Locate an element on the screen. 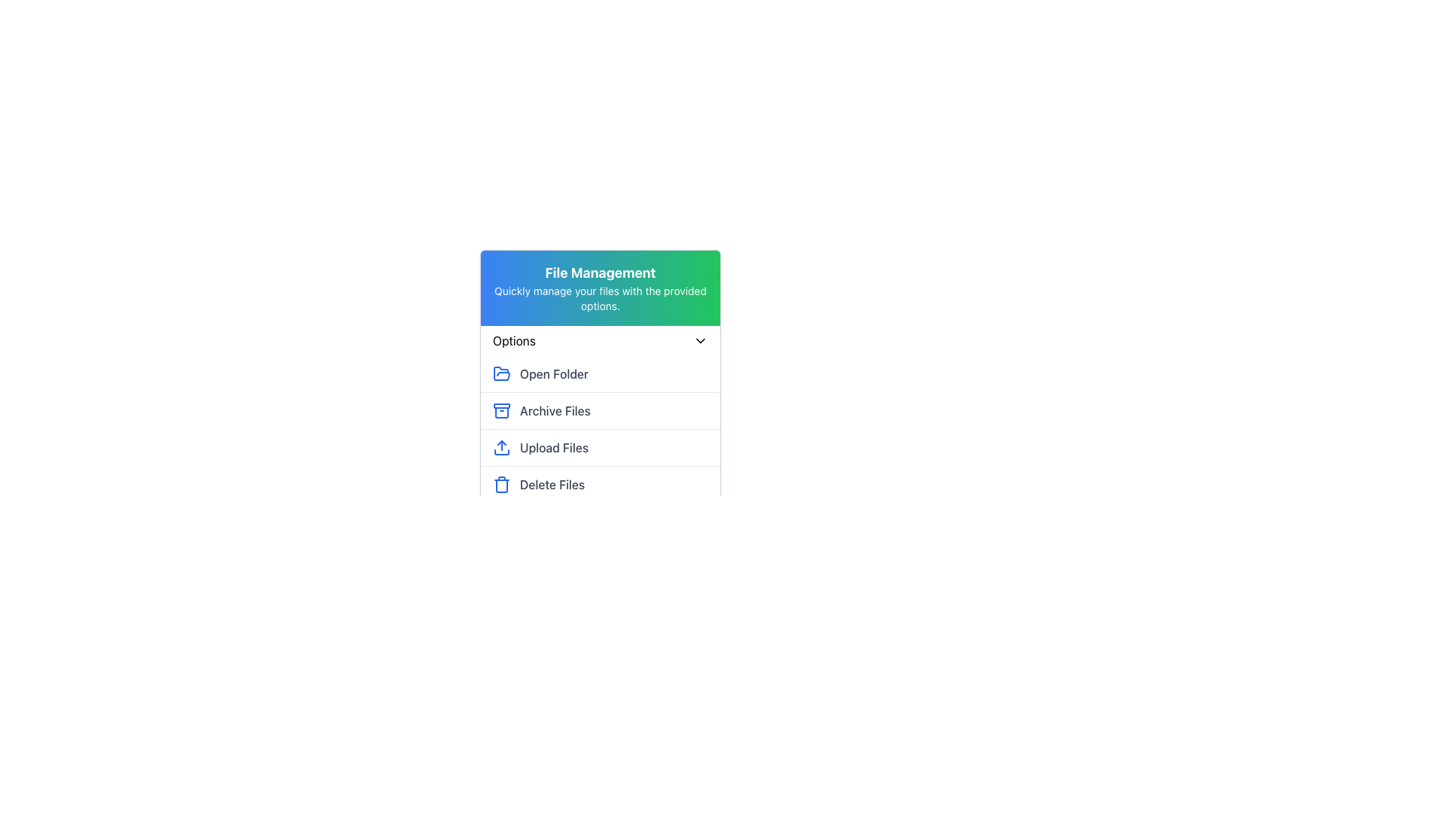 The width and height of the screenshot is (1445, 813). the upload icon, which is a blue outlined arrow pointing upward above a rectangular base, located in the third list item of the vertical menu under 'Options', next to the 'Upload Files' text is located at coordinates (502, 446).